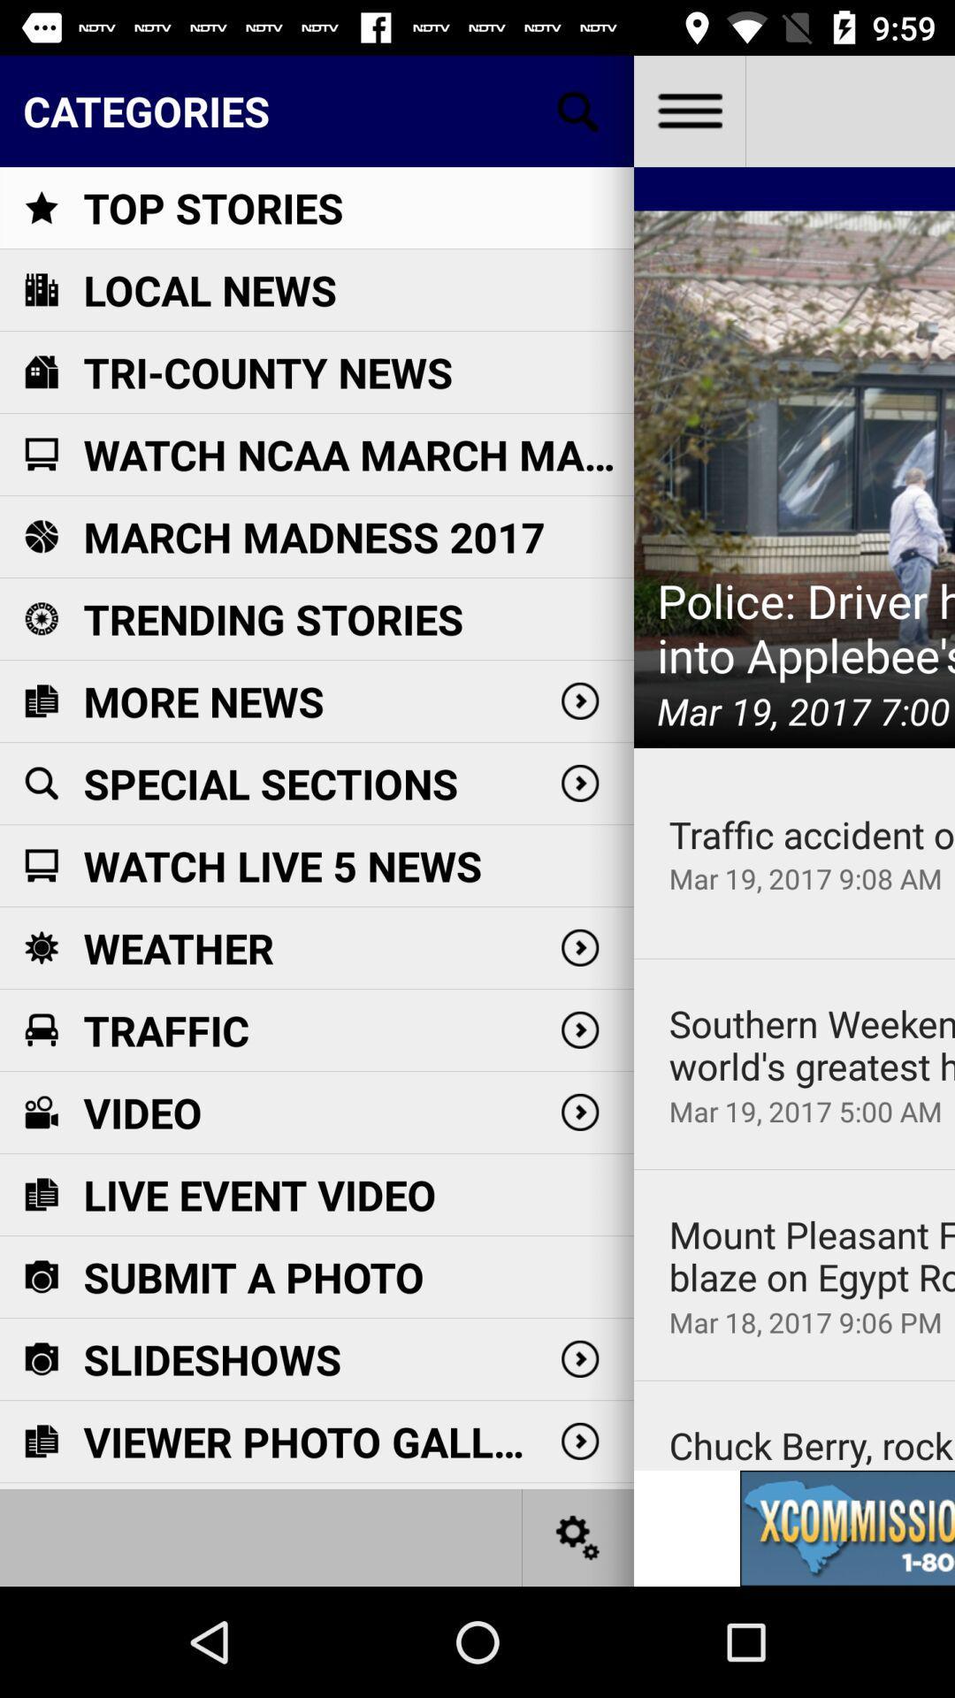  What do you see at coordinates (40, 866) in the screenshot?
I see `the icon left to watch live 5 news` at bounding box center [40, 866].